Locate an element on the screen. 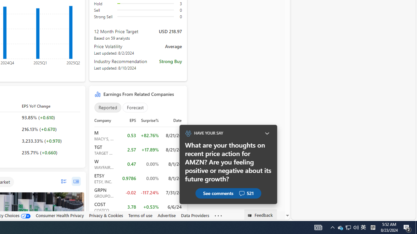  'grid layout' is located at coordinates (76, 181).